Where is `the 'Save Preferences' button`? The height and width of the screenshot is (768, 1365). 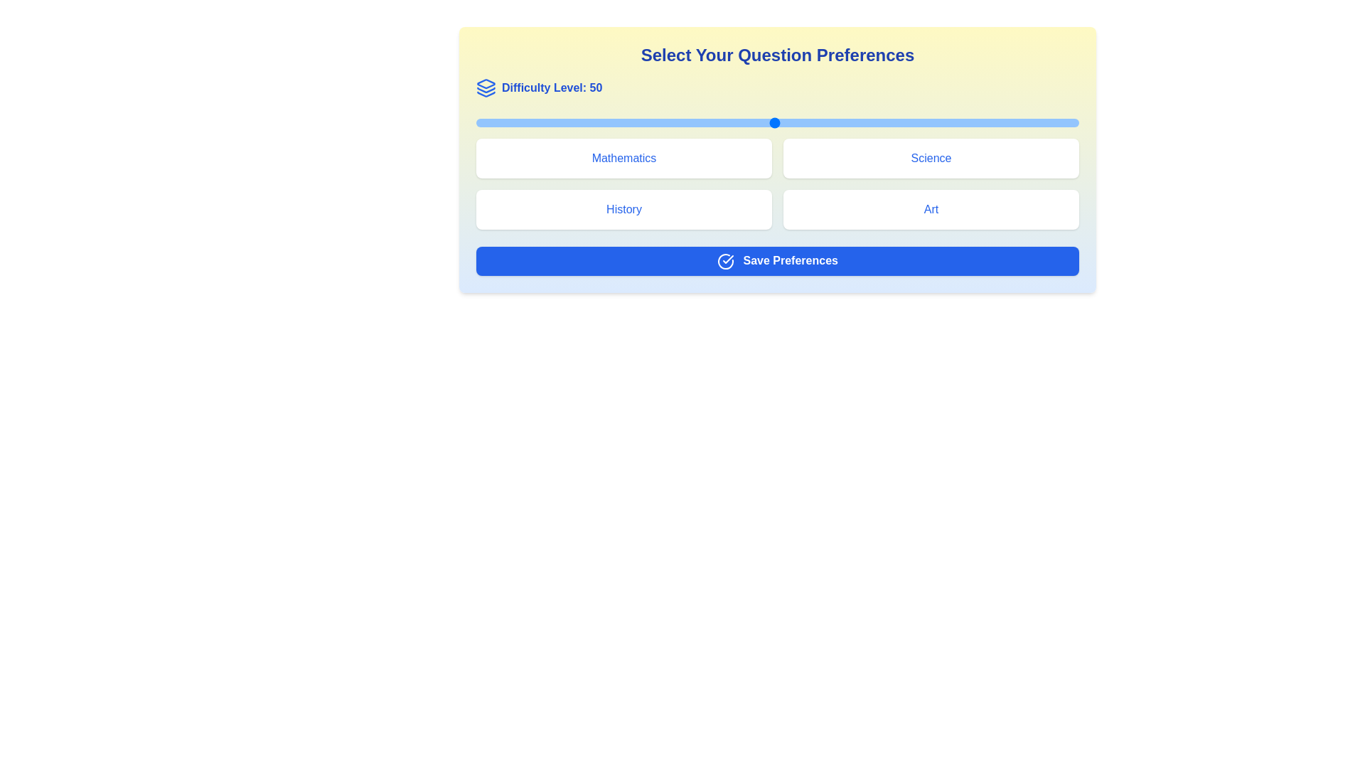 the 'Save Preferences' button is located at coordinates (777, 260).